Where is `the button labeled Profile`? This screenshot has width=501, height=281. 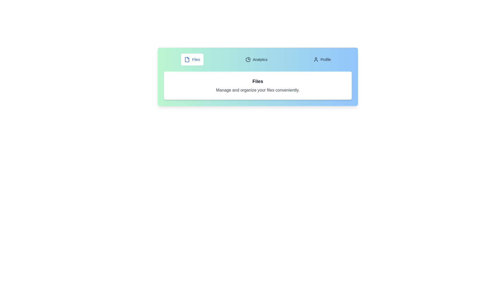
the button labeled Profile is located at coordinates (322, 59).